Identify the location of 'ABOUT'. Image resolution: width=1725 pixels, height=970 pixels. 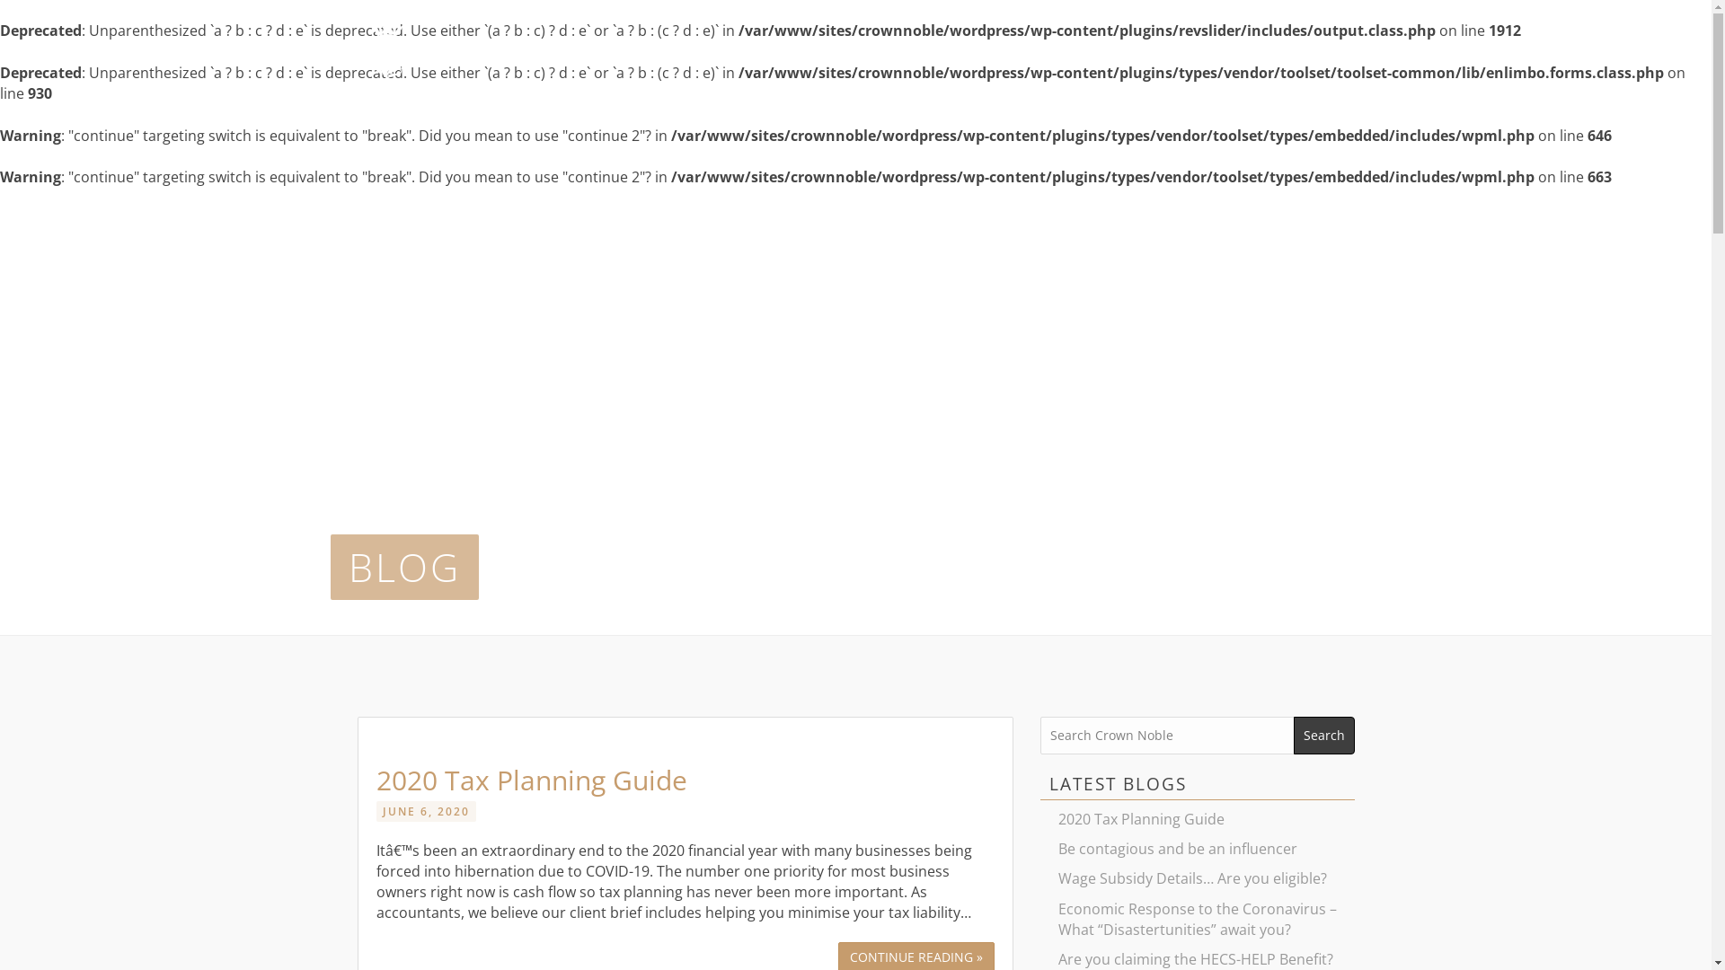
(925, 59).